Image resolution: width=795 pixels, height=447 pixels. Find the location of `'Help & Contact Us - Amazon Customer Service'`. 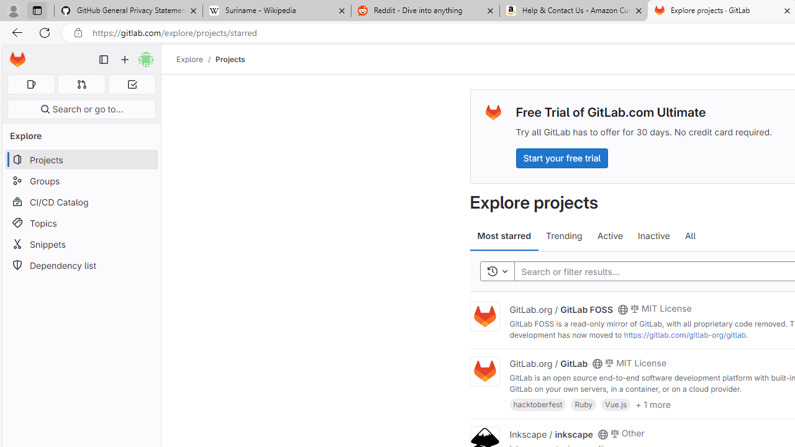

'Help & Contact Us - Amazon Customer Service' is located at coordinates (573, 11).